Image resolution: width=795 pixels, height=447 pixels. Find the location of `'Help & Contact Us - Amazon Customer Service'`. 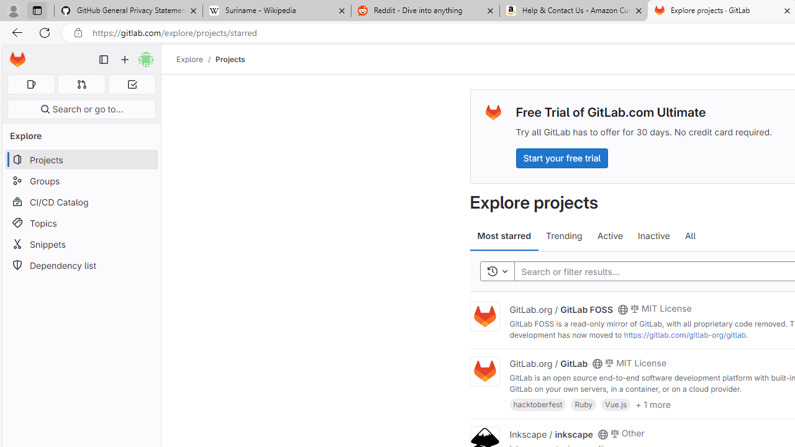

'Help & Contact Us - Amazon Customer Service' is located at coordinates (573, 11).